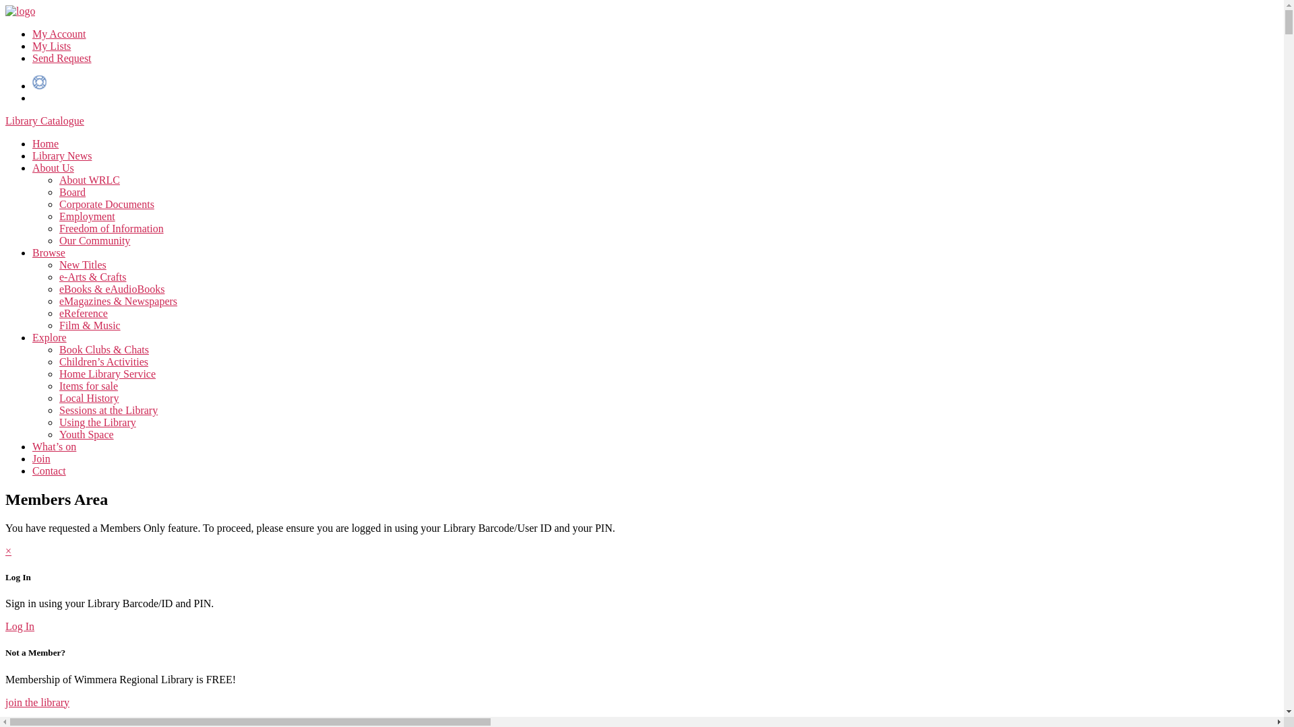 Image resolution: width=1294 pixels, height=727 pixels. I want to click on 'join the library', so click(5, 701).